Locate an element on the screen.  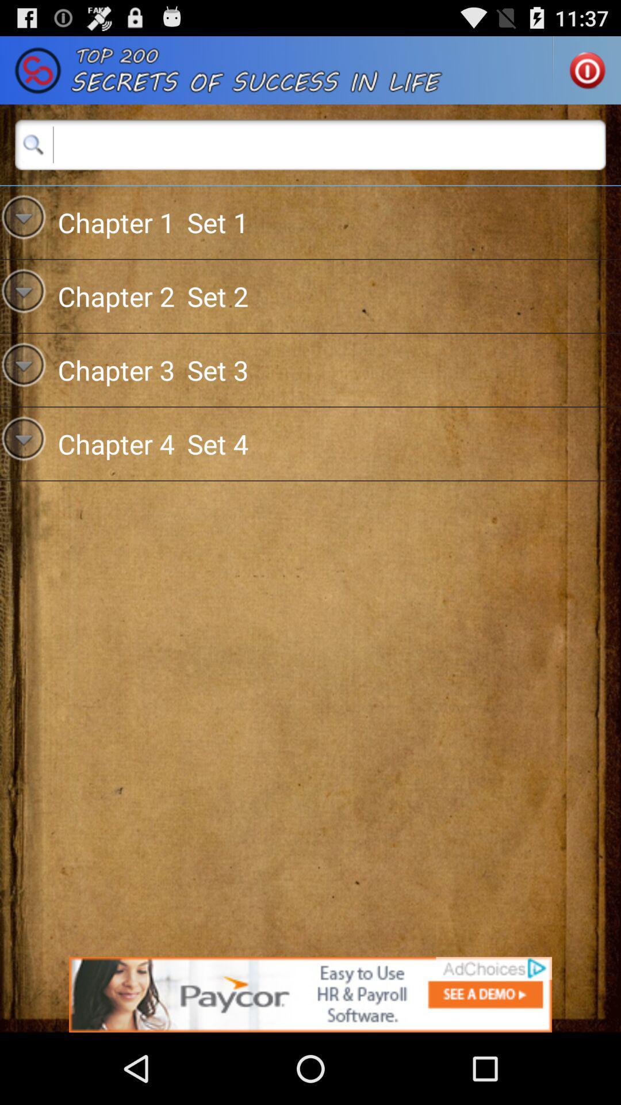
follow the banner is located at coordinates (310, 994).